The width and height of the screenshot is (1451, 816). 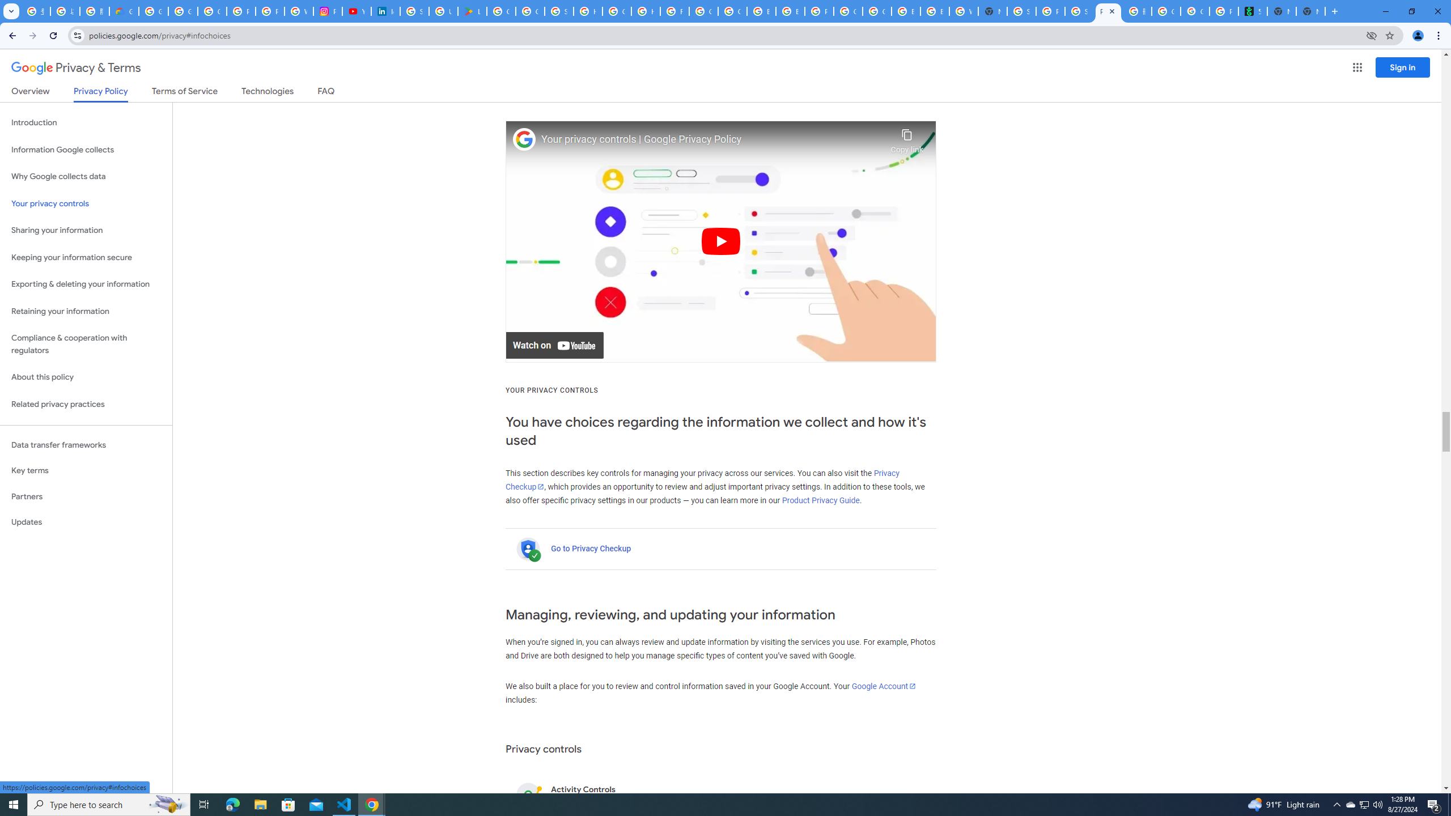 I want to click on 'Why Google collects data', so click(x=86, y=176).